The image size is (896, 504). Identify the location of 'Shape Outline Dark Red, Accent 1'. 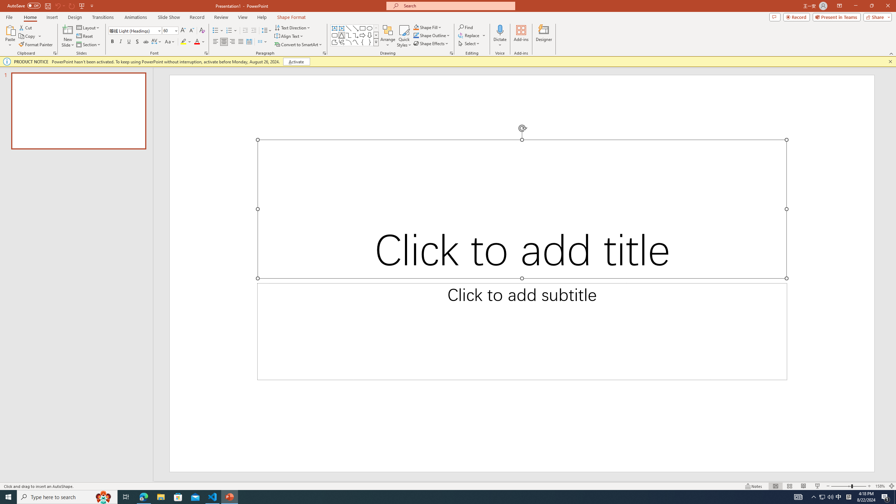
(416, 35).